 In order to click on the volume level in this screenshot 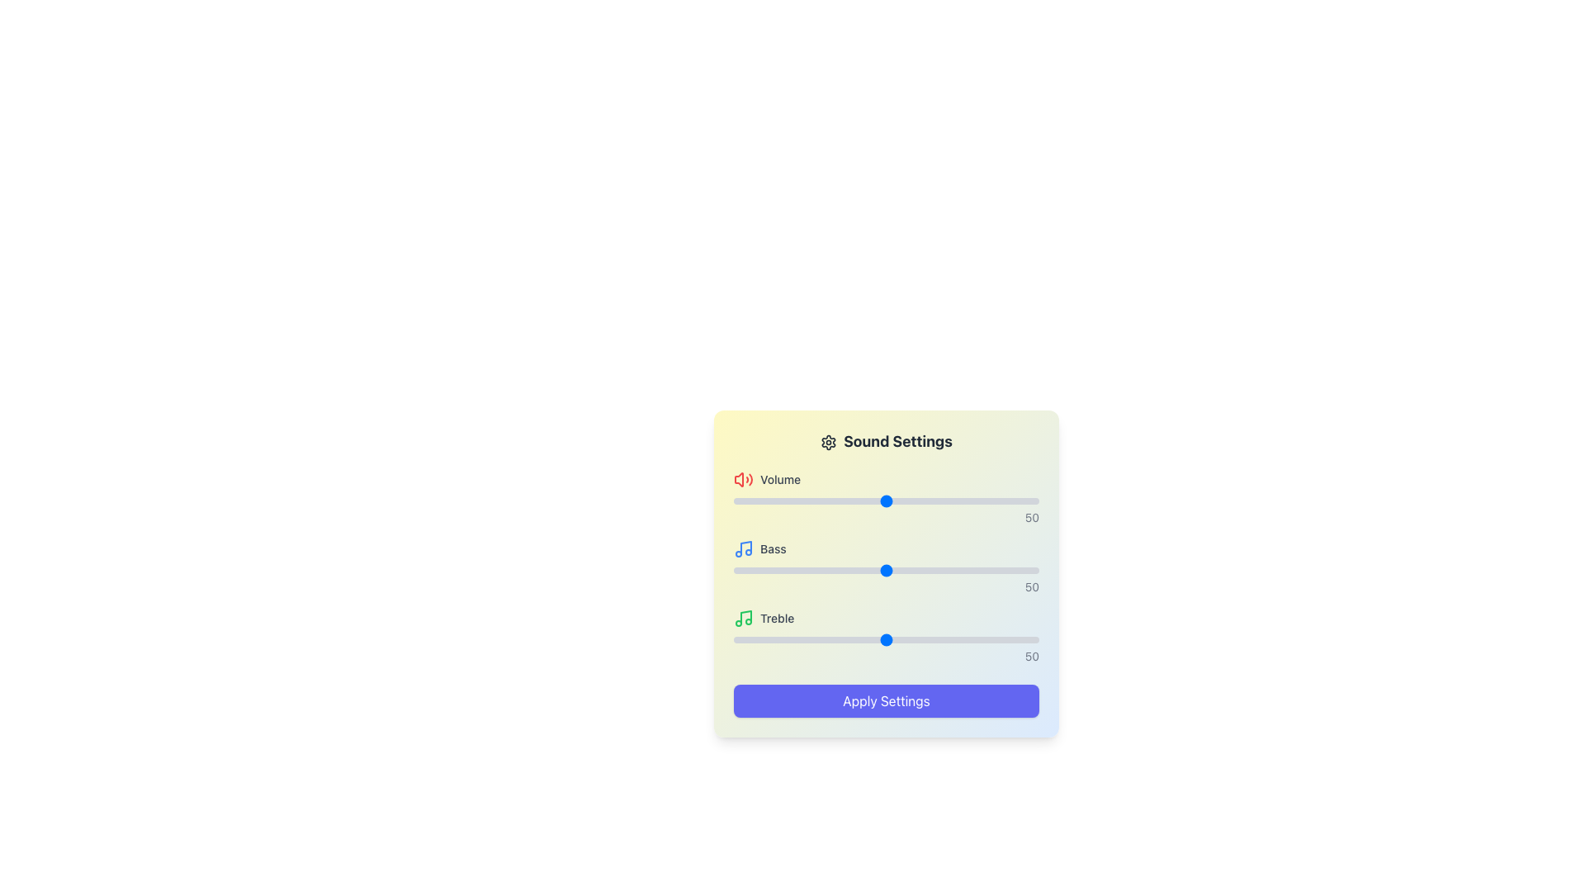, I will do `click(844, 500)`.